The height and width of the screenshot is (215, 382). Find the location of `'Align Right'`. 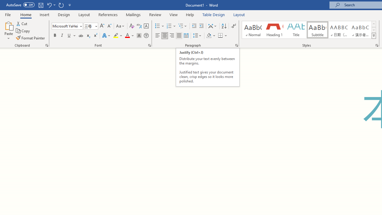

'Align Right' is located at coordinates (172, 36).